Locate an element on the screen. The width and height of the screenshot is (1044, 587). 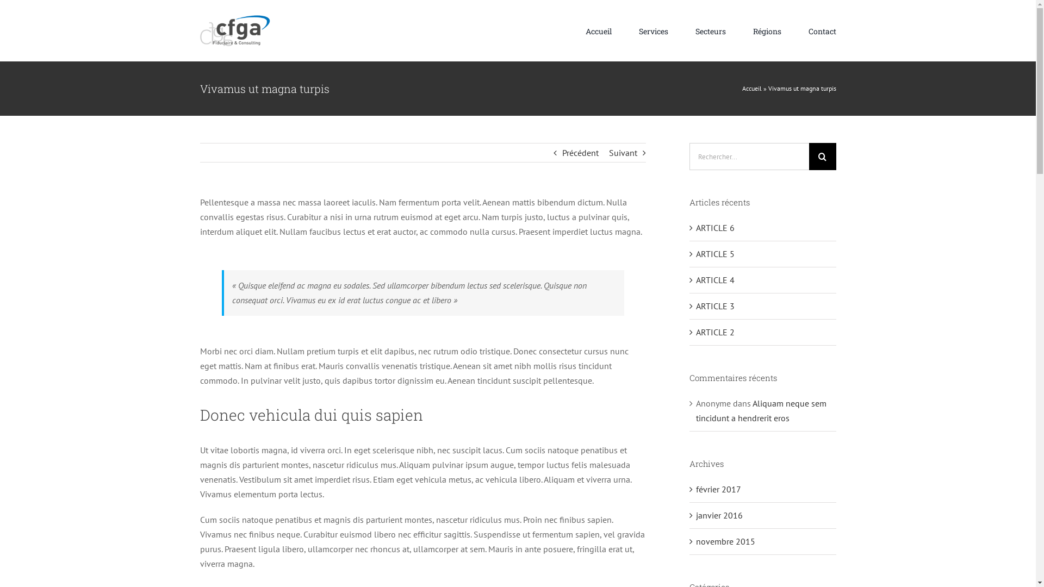
'novembre 2015' is located at coordinates (725, 541).